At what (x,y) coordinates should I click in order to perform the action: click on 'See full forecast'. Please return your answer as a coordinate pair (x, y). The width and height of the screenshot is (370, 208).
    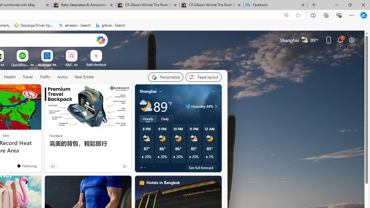
    Looking at the image, I should click on (201, 167).